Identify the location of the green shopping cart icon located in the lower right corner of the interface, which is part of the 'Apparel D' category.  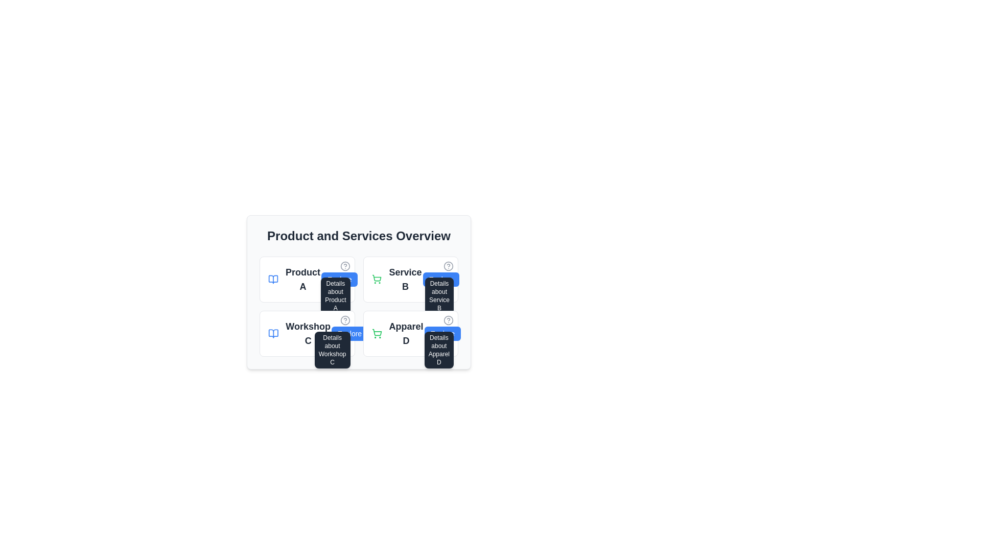
(376, 278).